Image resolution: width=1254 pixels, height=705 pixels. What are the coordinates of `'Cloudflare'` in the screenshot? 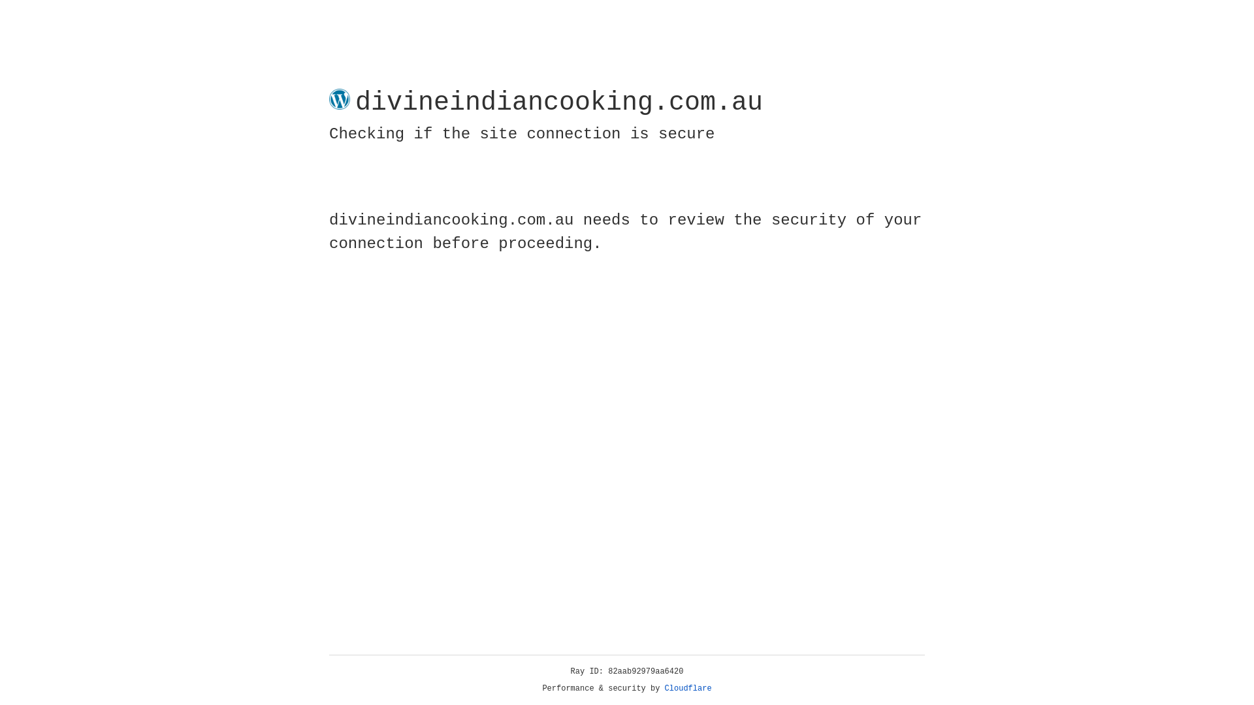 It's located at (664, 688).